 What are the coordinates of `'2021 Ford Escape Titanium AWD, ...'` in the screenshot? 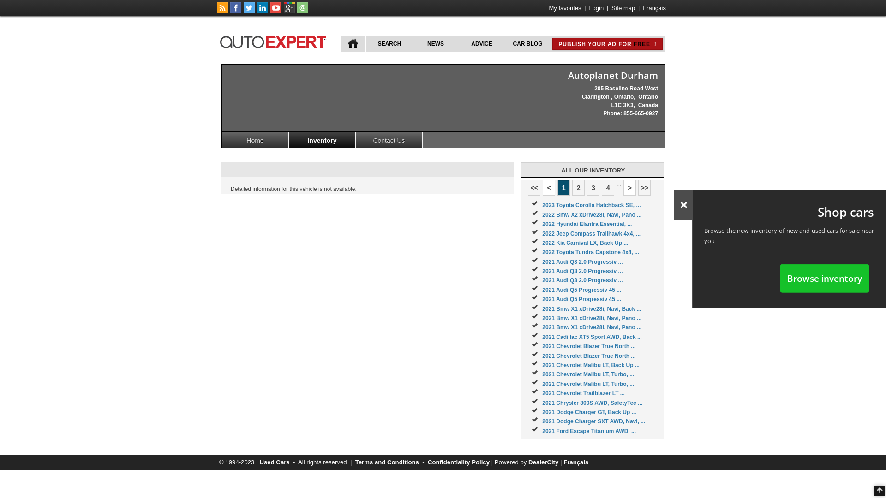 It's located at (542, 431).